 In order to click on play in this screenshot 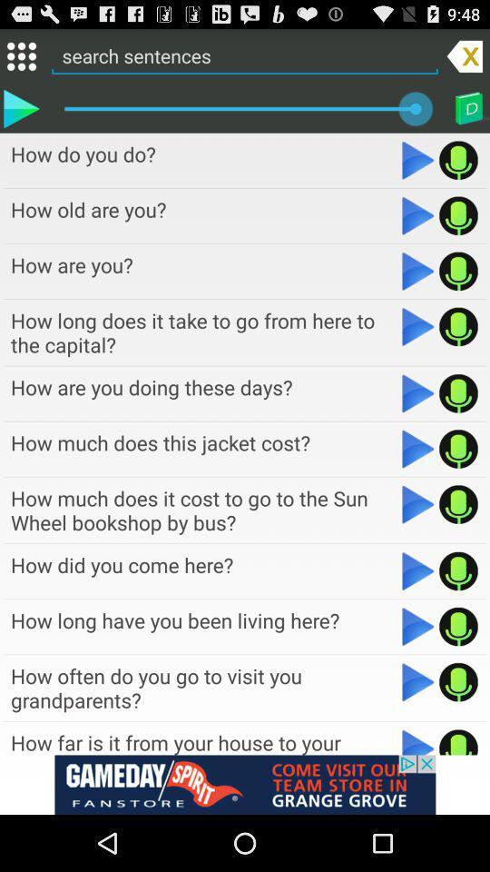, I will do `click(457, 215)`.